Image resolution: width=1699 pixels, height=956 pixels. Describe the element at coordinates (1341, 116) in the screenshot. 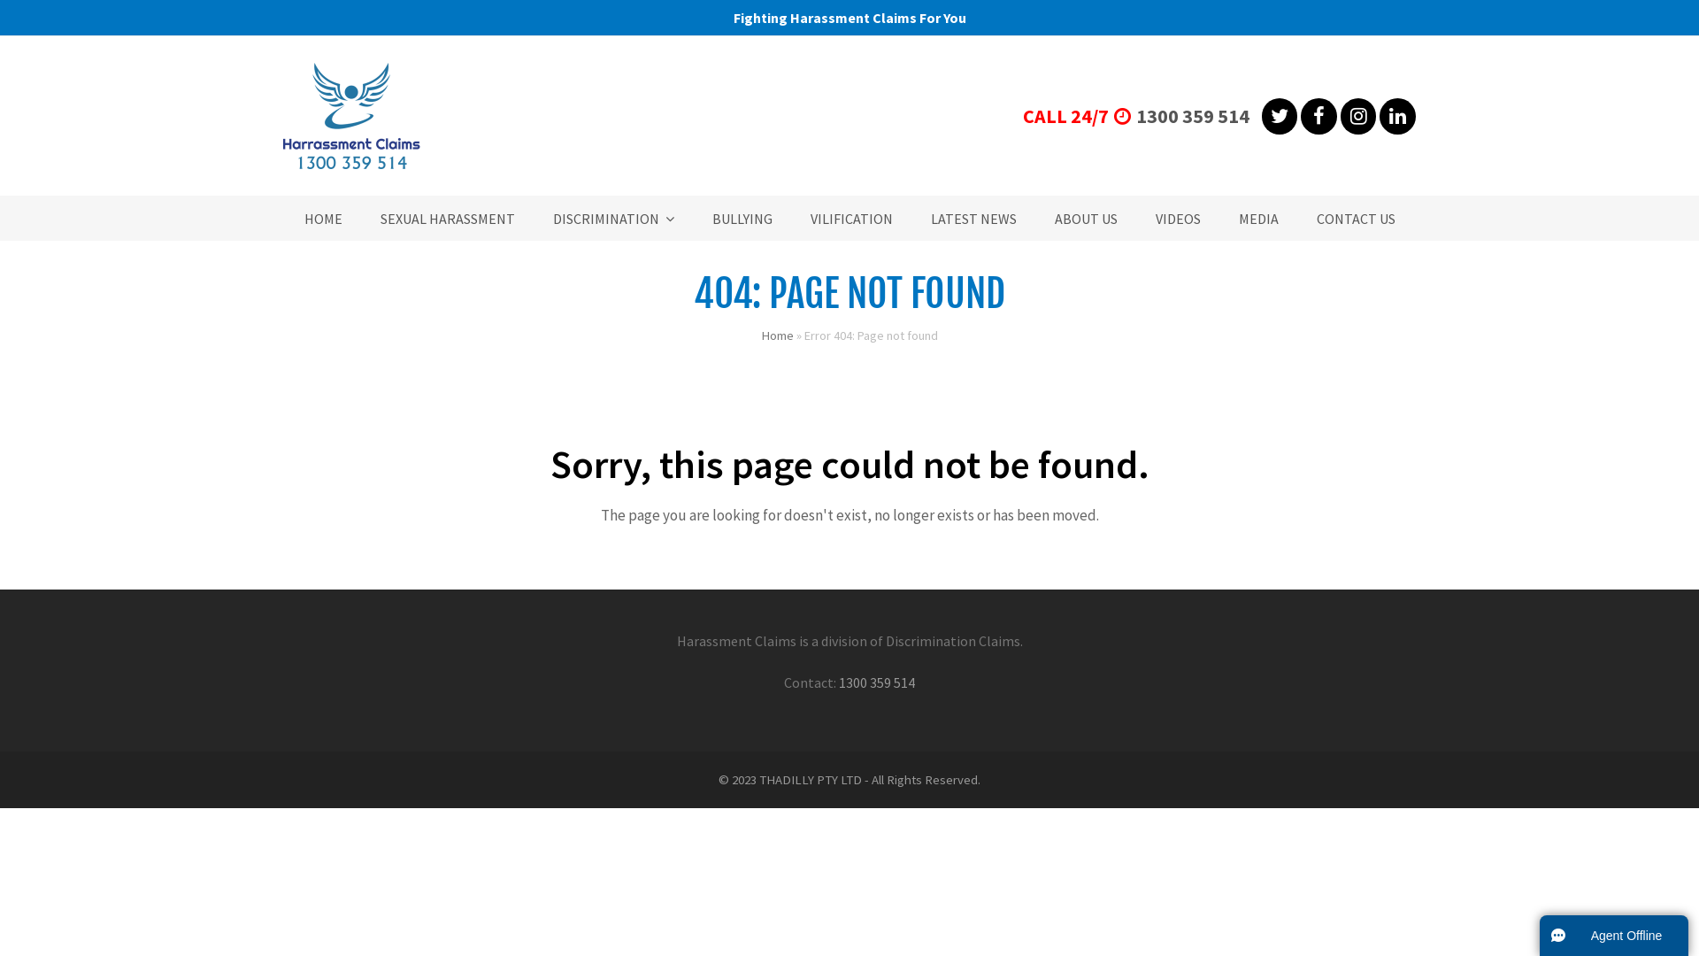

I see `'Instagram'` at that location.